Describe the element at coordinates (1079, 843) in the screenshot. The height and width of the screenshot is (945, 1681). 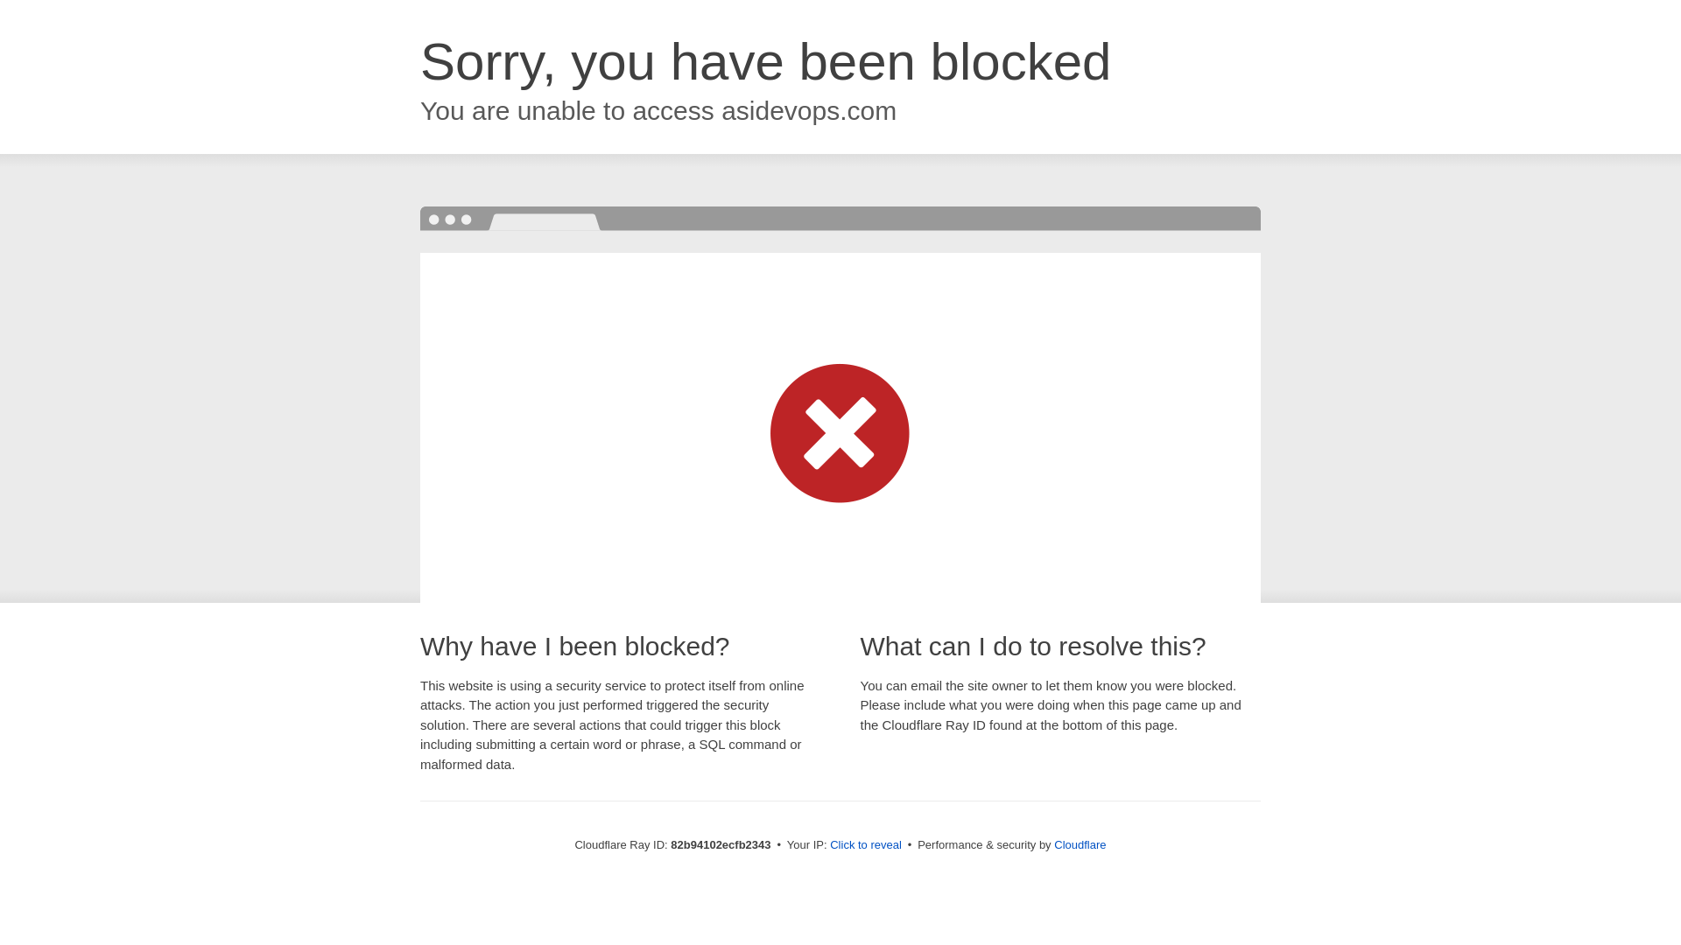
I see `'Cloudflare'` at that location.